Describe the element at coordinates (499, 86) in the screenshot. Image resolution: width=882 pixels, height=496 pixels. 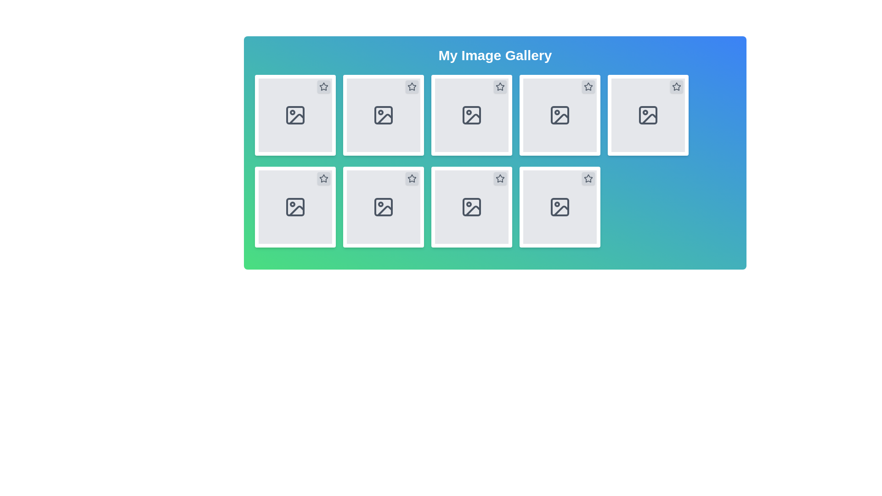
I see `the gray star icon located at the top-right corner of the fourth image in the first row of a 4x3 grid layout` at that location.